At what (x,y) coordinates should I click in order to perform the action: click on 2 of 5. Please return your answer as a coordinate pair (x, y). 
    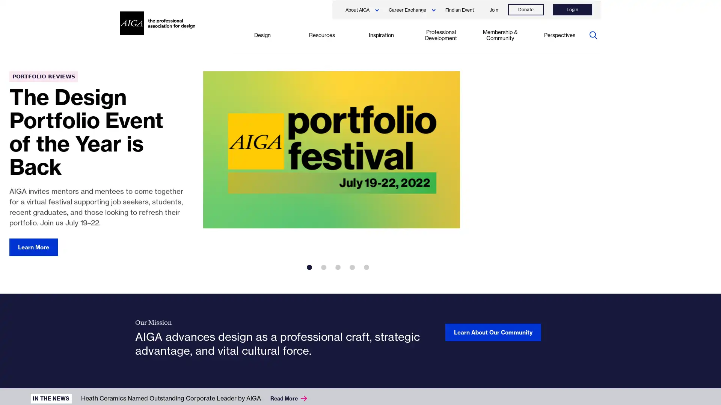
    Looking at the image, I should click on (324, 267).